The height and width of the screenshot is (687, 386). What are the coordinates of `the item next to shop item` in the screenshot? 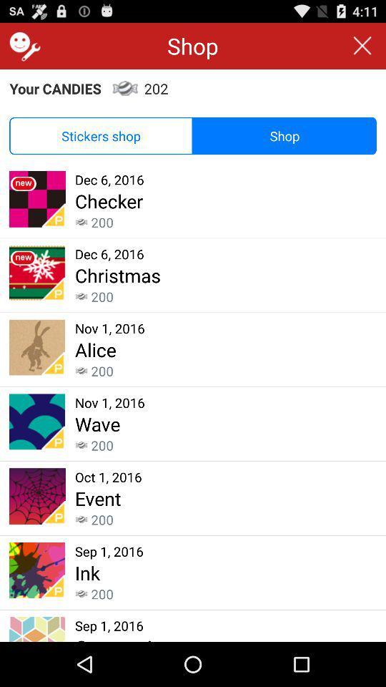 It's located at (100, 136).